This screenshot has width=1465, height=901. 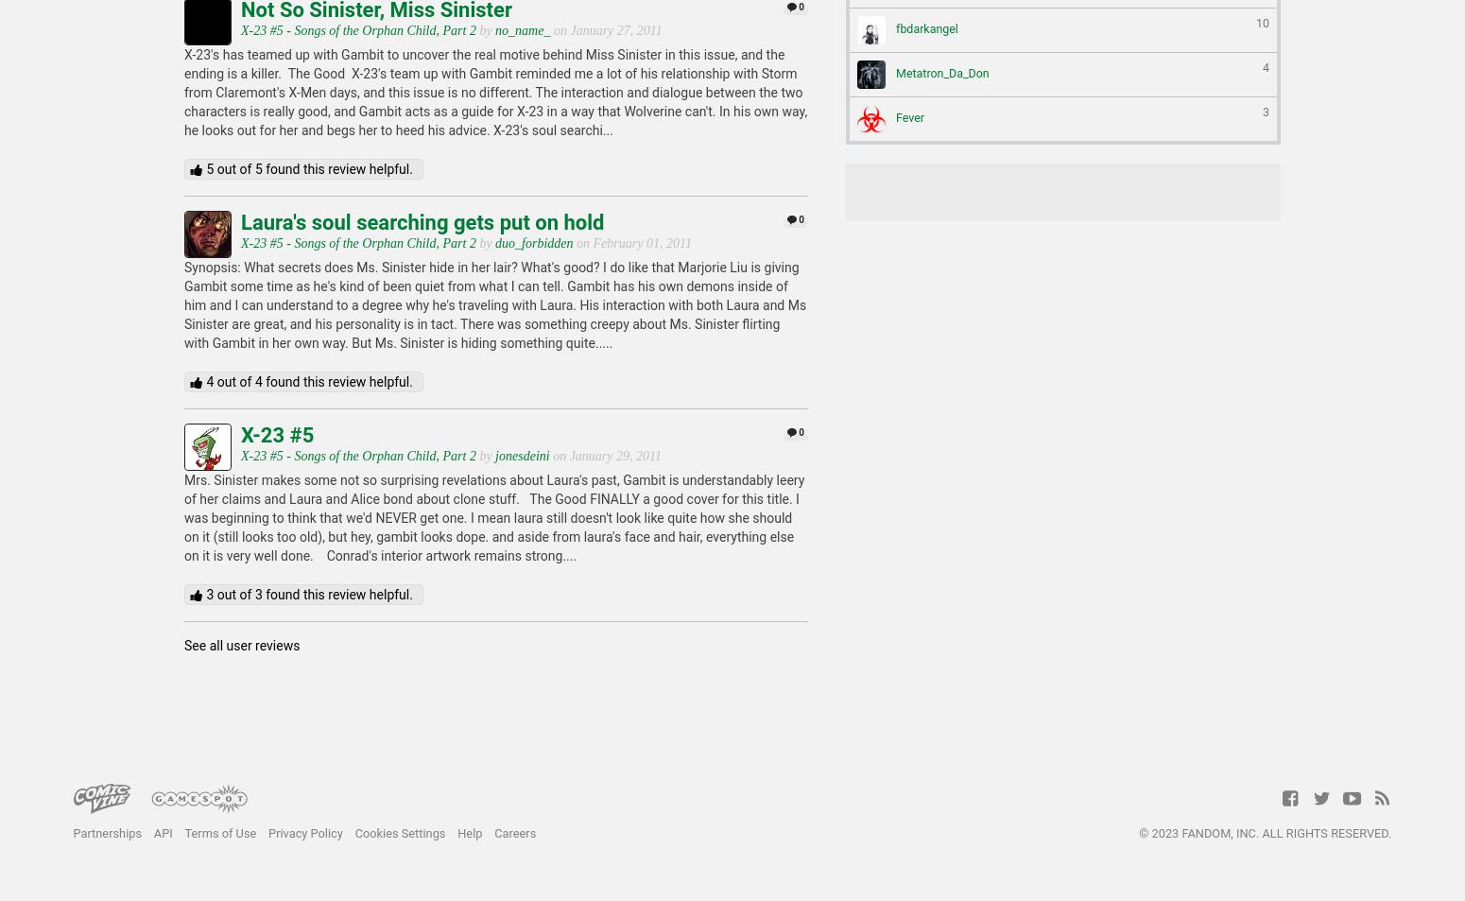 I want to click on 'Cookies Settings', so click(x=399, y=833).